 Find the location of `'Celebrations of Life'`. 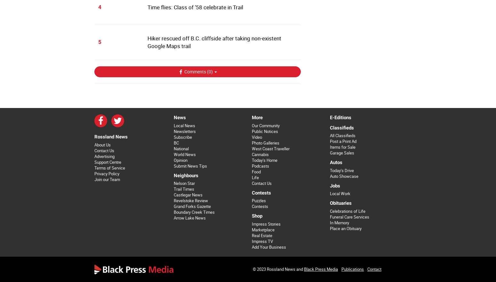

'Celebrations of Life' is located at coordinates (347, 211).